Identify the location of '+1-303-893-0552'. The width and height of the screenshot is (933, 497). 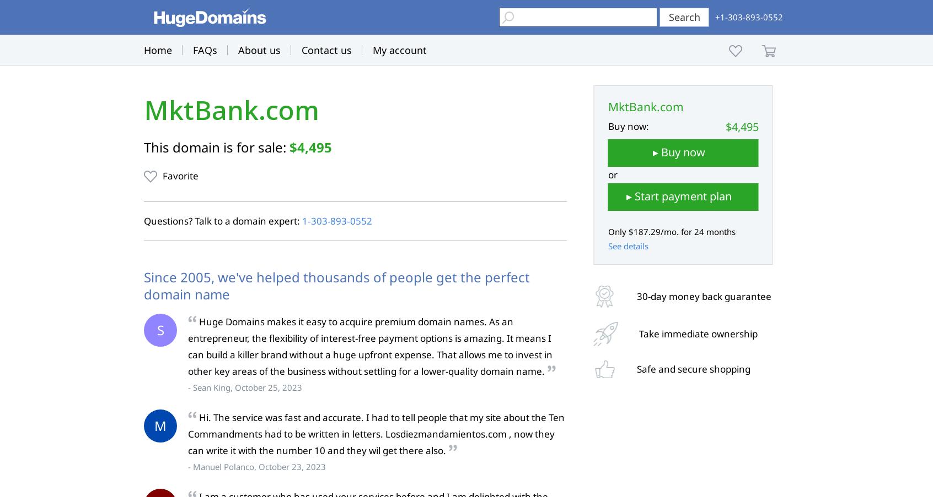
(714, 16).